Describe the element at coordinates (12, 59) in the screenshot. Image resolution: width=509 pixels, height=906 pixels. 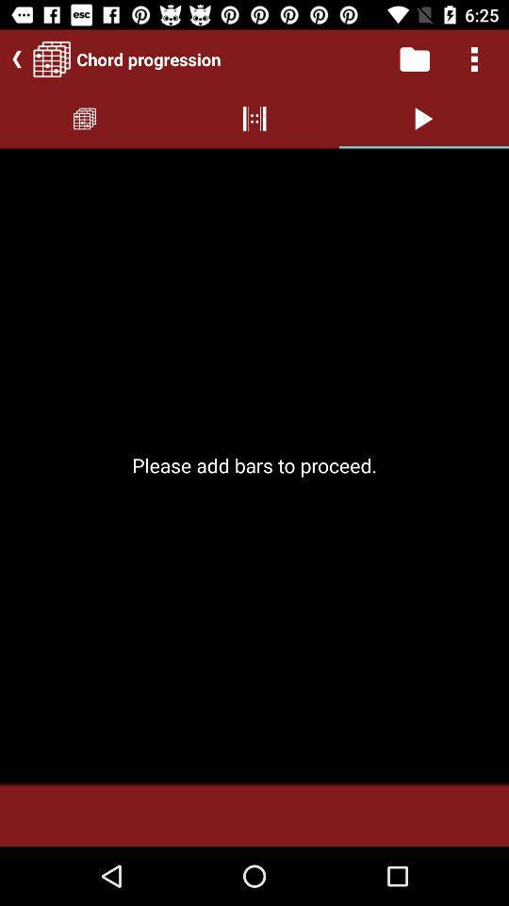
I see `the arrow_backward icon` at that location.